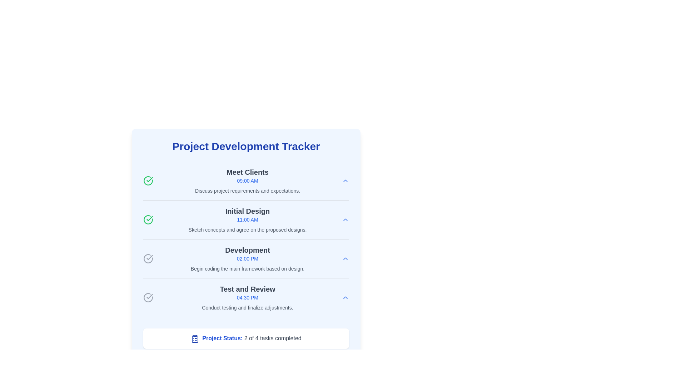  What do you see at coordinates (345, 219) in the screenshot?
I see `the upward-facing triangular chevron icon styled in blue located near the right edge of the 'Initial Design' section` at bounding box center [345, 219].